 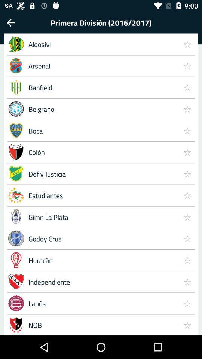 What do you see at coordinates (187, 44) in the screenshot?
I see `the item next to aldosivi icon` at bounding box center [187, 44].